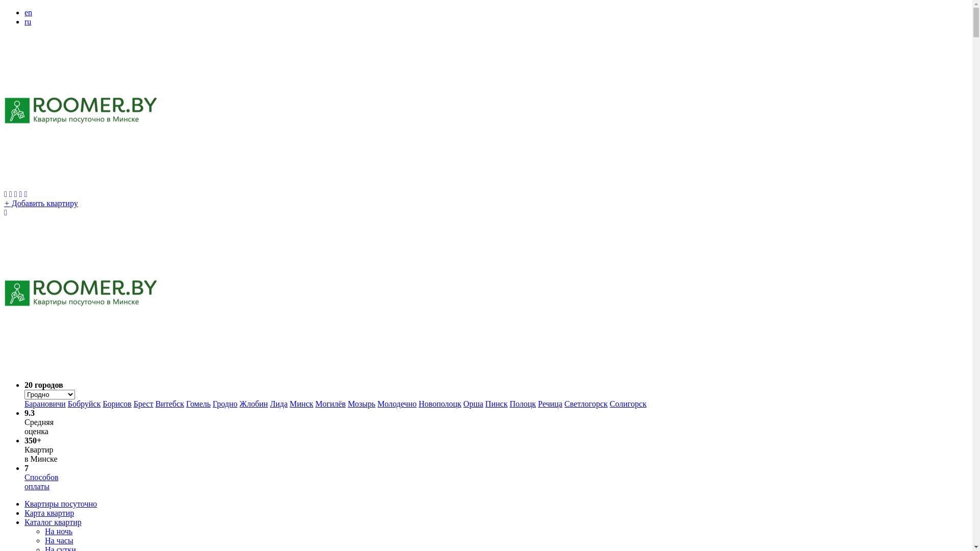  What do you see at coordinates (24, 12) in the screenshot?
I see `'en'` at bounding box center [24, 12].